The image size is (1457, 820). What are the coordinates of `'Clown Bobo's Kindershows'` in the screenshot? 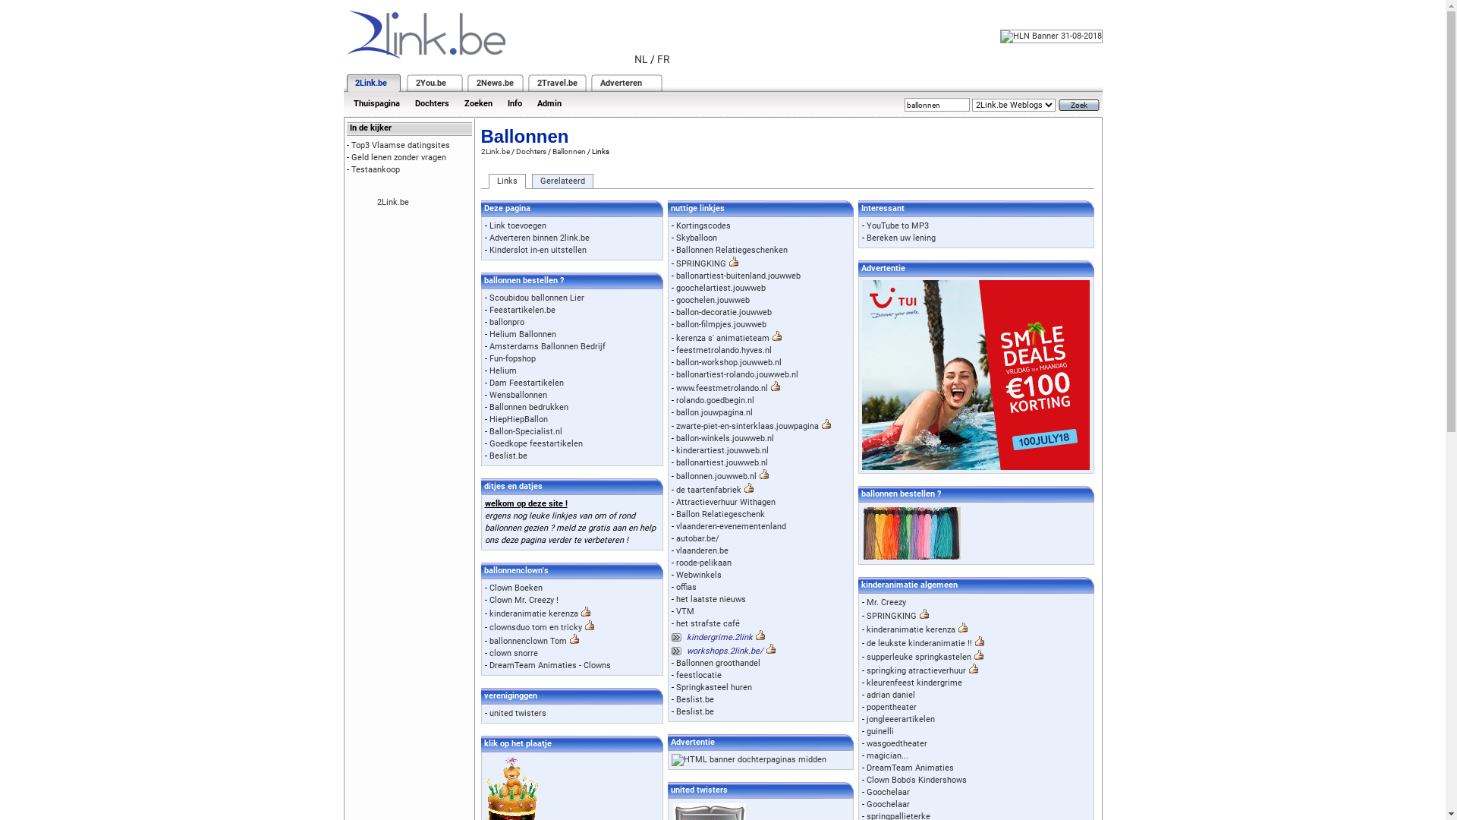 It's located at (916, 780).